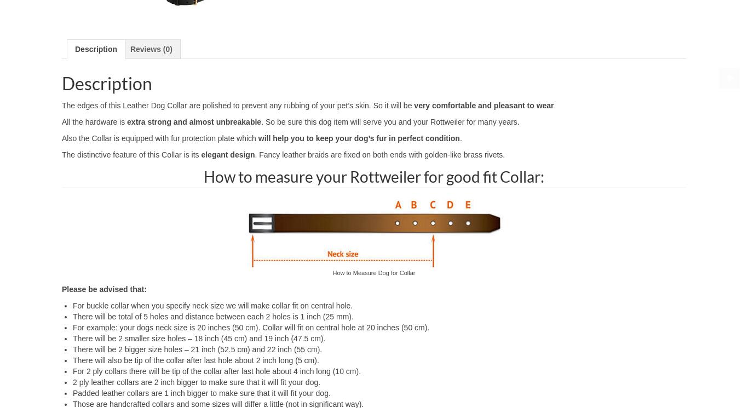 The height and width of the screenshot is (408, 748). I want to click on 'extra strong and almost unbreakable', so click(126, 121).